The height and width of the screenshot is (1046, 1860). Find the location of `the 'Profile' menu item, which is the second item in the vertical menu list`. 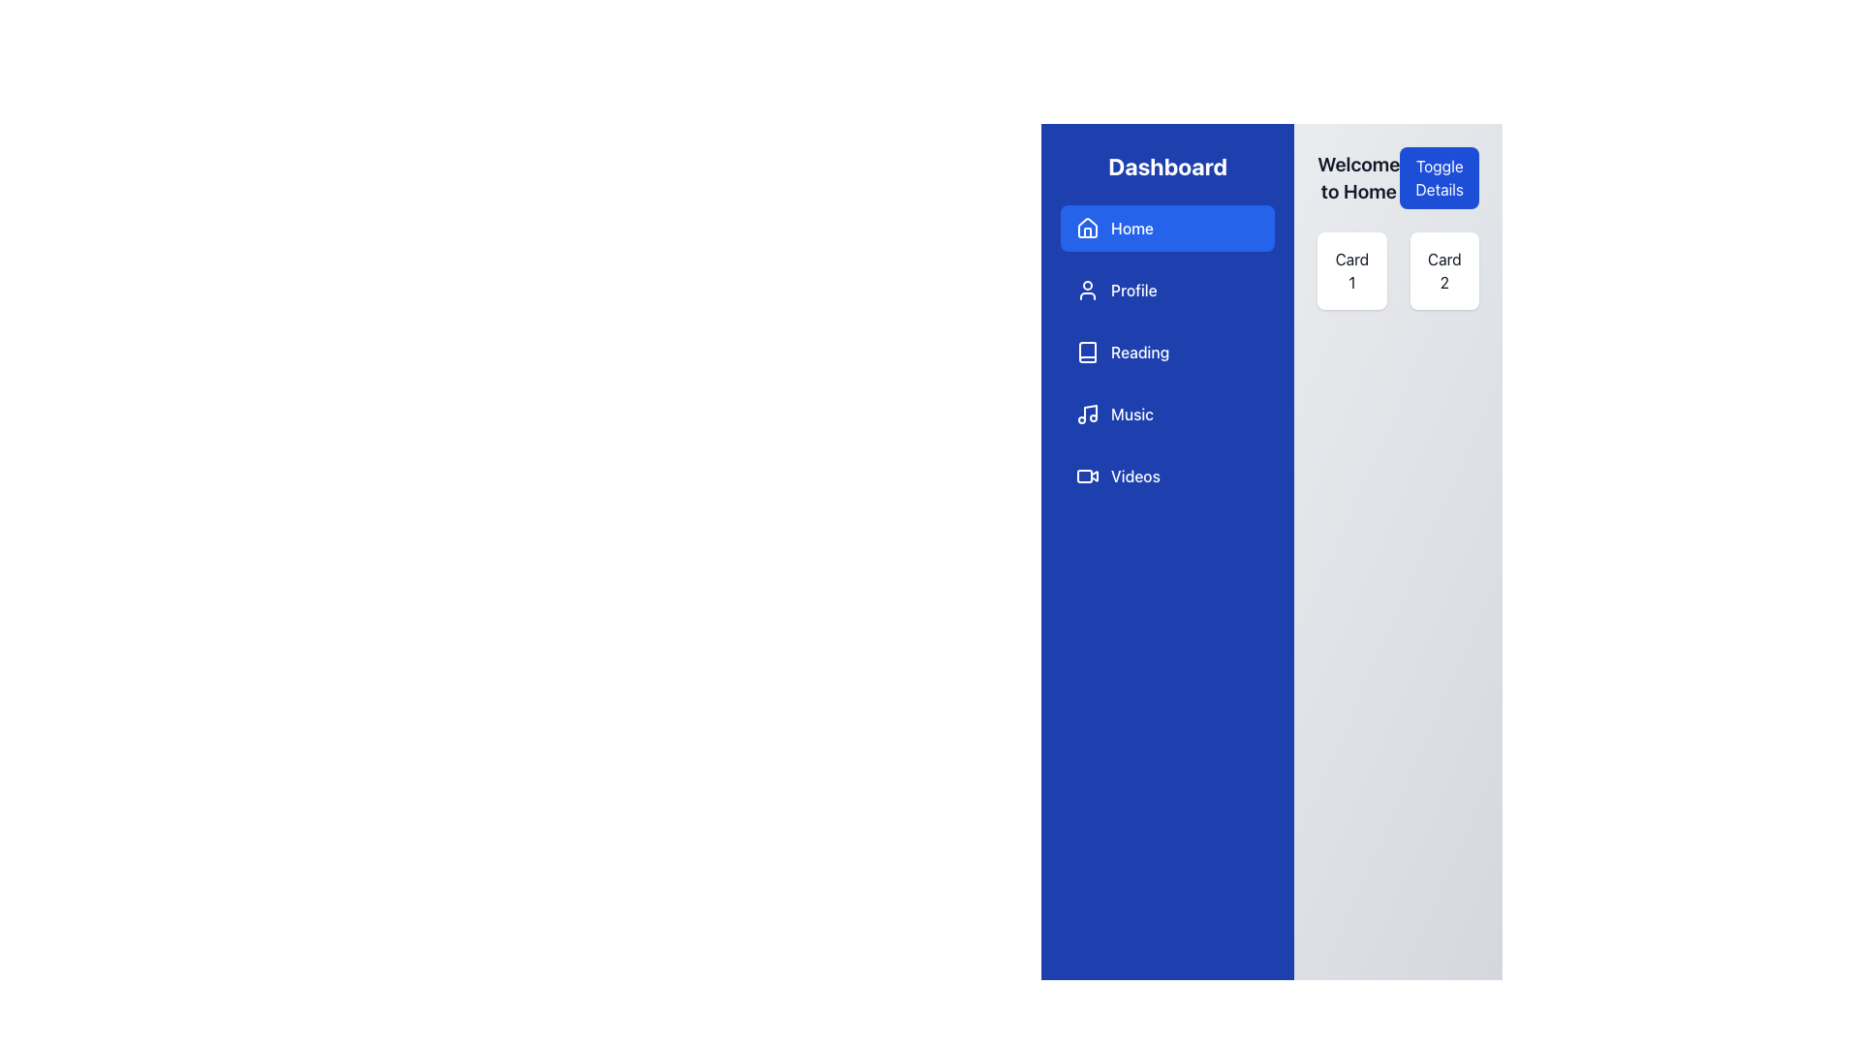

the 'Profile' menu item, which is the second item in the vertical menu list is located at coordinates (1166, 291).